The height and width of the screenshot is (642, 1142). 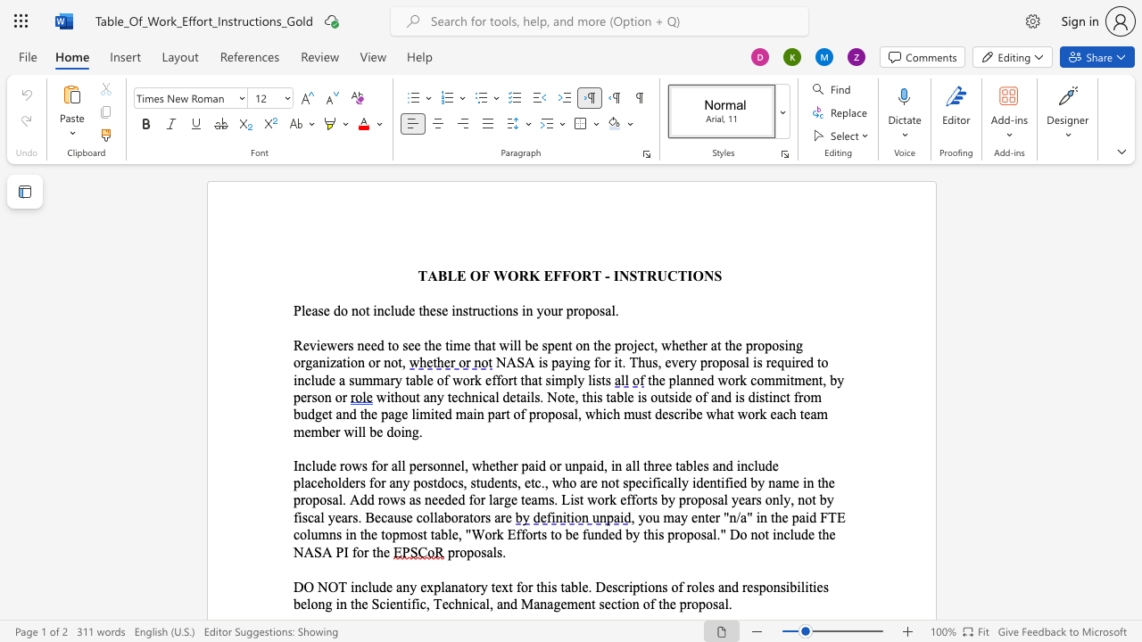 What do you see at coordinates (390, 361) in the screenshot?
I see `the space between the continuous character "n" and "o" in the text` at bounding box center [390, 361].